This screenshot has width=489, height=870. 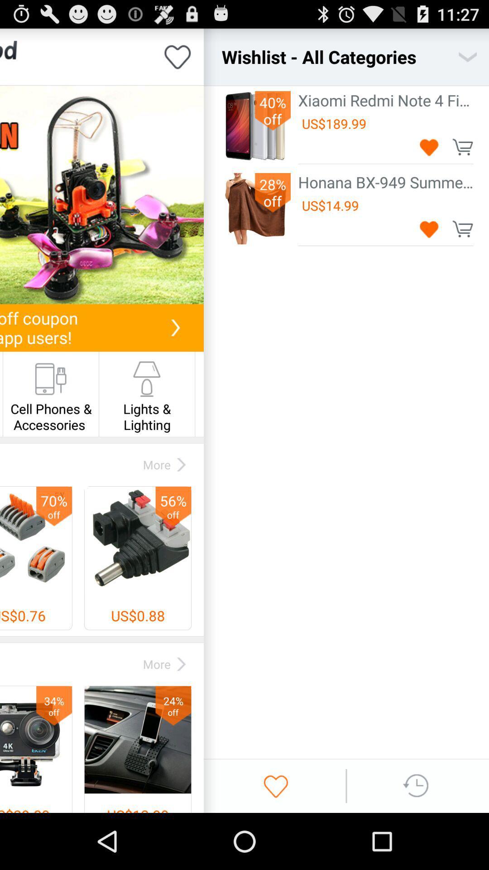 I want to click on to favorites, so click(x=177, y=56).